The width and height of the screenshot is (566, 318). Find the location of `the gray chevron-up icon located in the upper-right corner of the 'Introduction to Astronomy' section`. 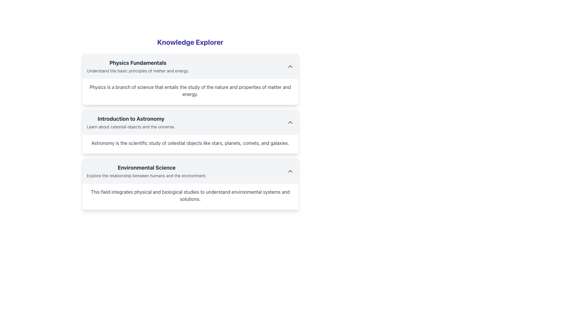

the gray chevron-up icon located in the upper-right corner of the 'Introduction to Astronomy' section is located at coordinates (290, 122).